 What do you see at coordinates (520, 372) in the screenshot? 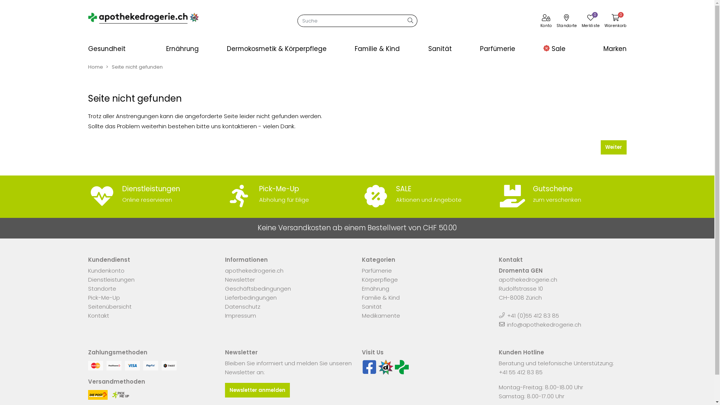
I see `'+41 55 412 83 85'` at bounding box center [520, 372].